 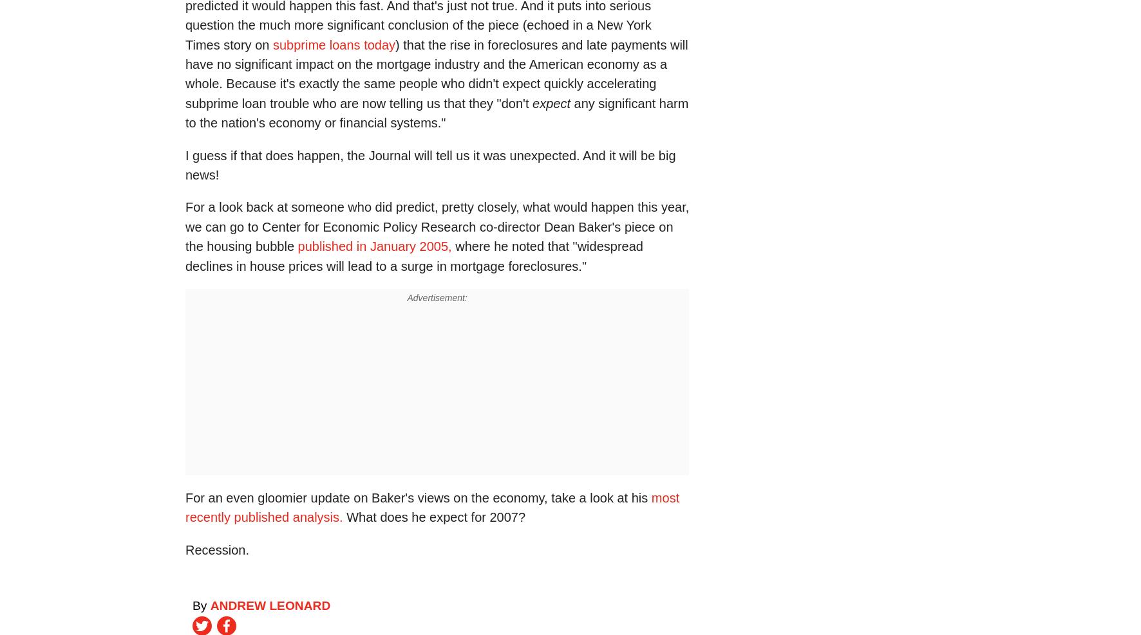 What do you see at coordinates (437, 226) in the screenshot?
I see `'For a look back at someone who did predict, pretty closely, what would happen this year, we can go to Center for Economic Policy Research co-director Dean Baker's piece on the housing bubble'` at bounding box center [437, 226].